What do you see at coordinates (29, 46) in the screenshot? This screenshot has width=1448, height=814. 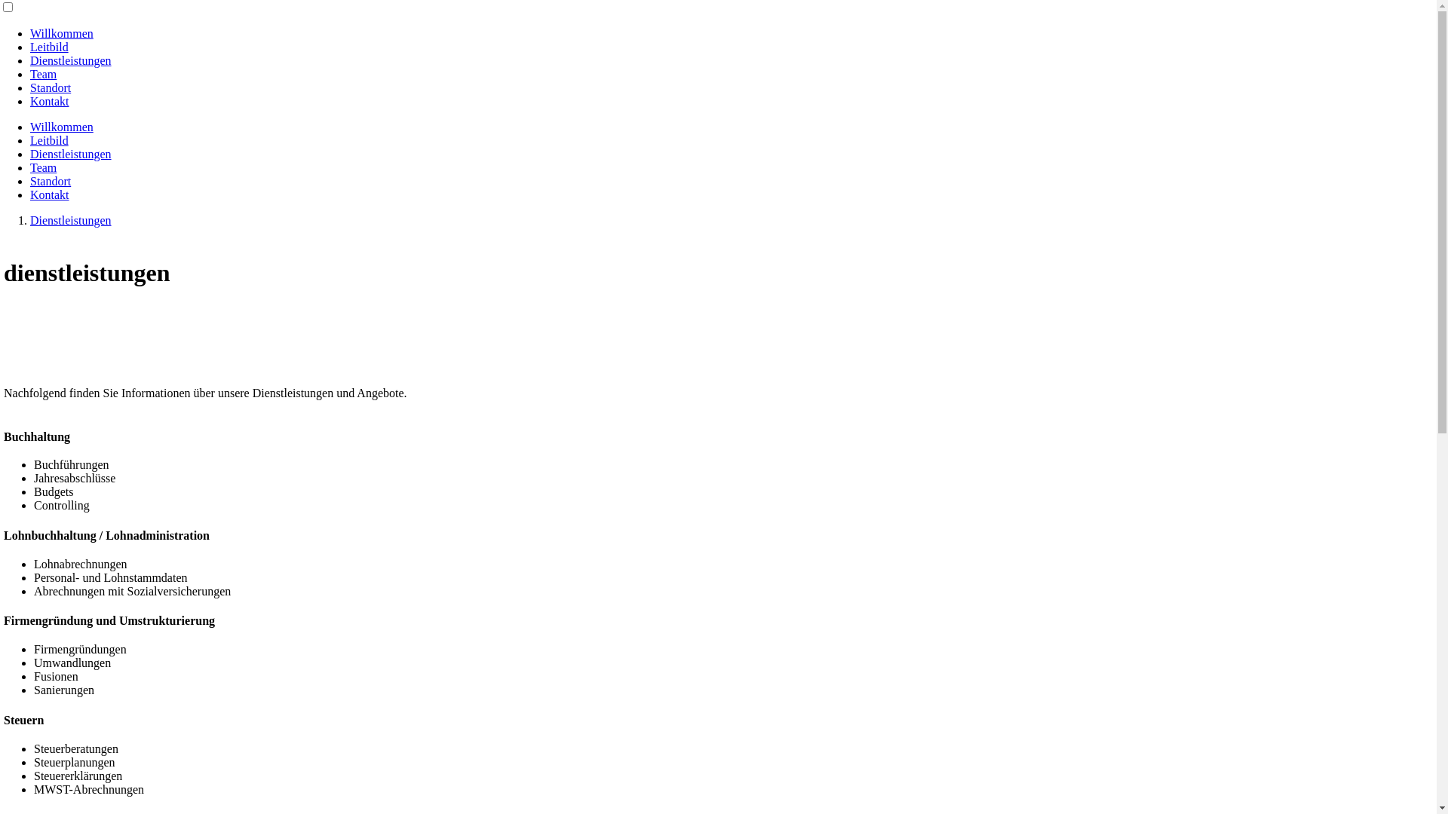 I see `'Leitbild'` at bounding box center [29, 46].